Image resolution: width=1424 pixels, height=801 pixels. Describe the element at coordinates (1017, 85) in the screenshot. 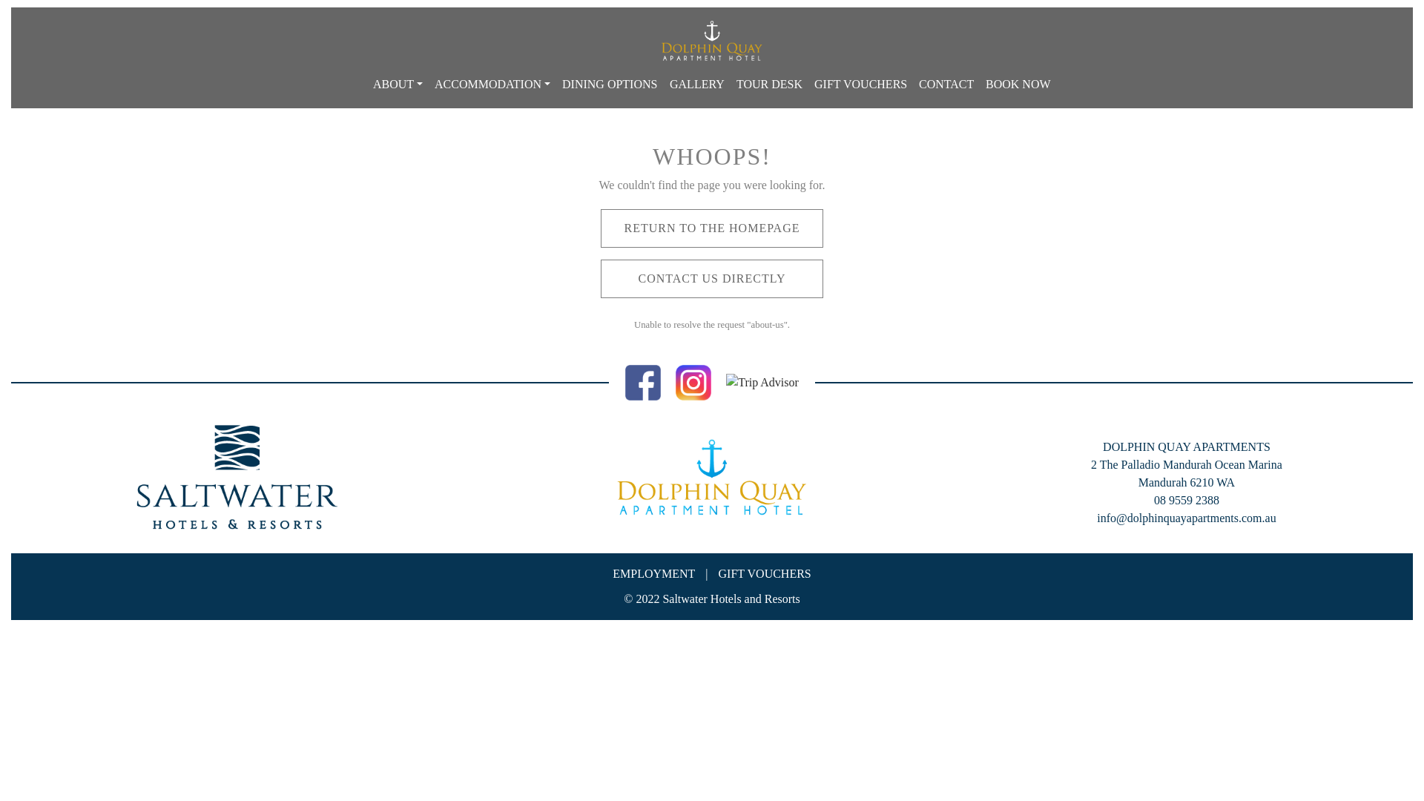

I see `'BOOK NOW'` at that location.